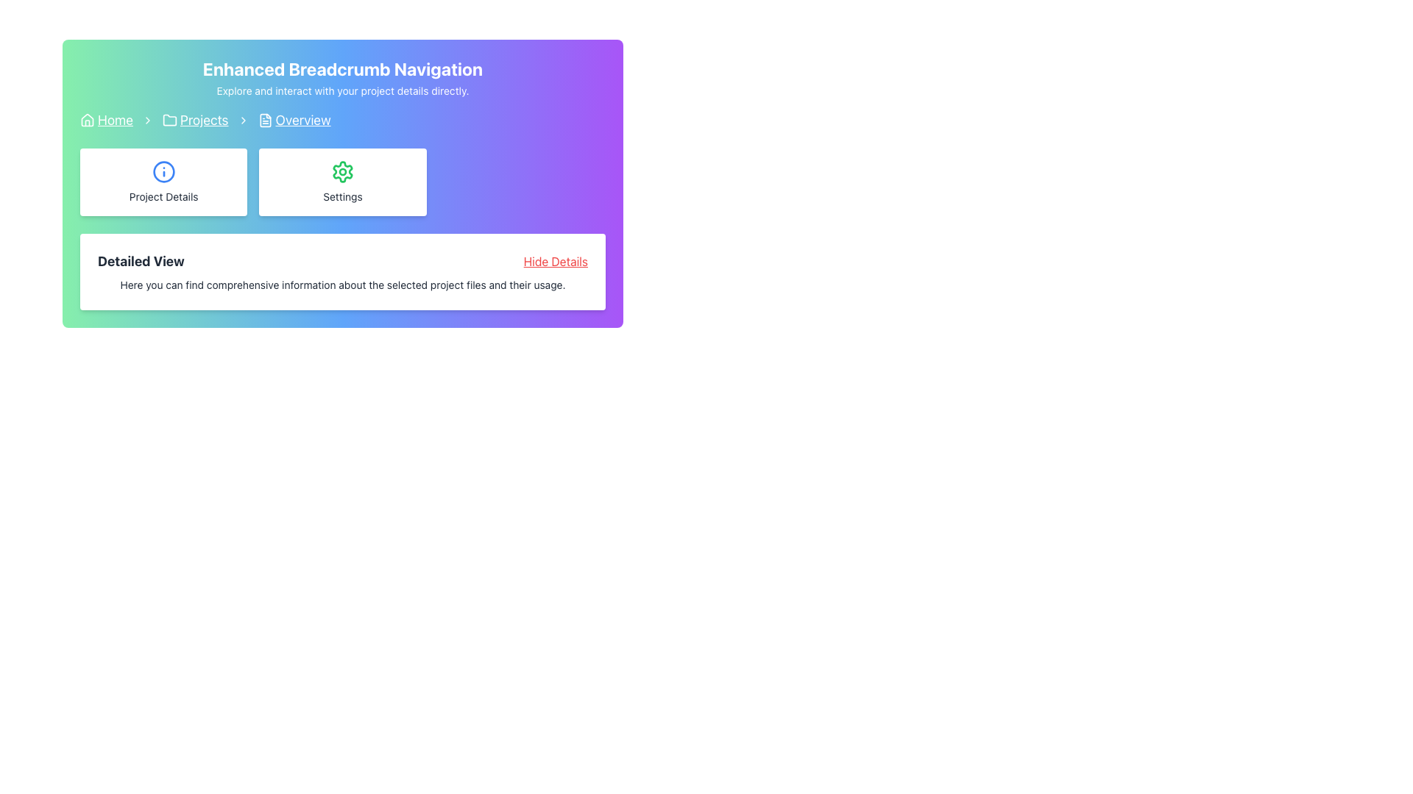 Image resolution: width=1413 pixels, height=794 pixels. Describe the element at coordinates (169, 120) in the screenshot. I see `the folder icon located in the breadcrumb navigation bar, positioned immediately to the left of the 'Projects' text link` at that location.